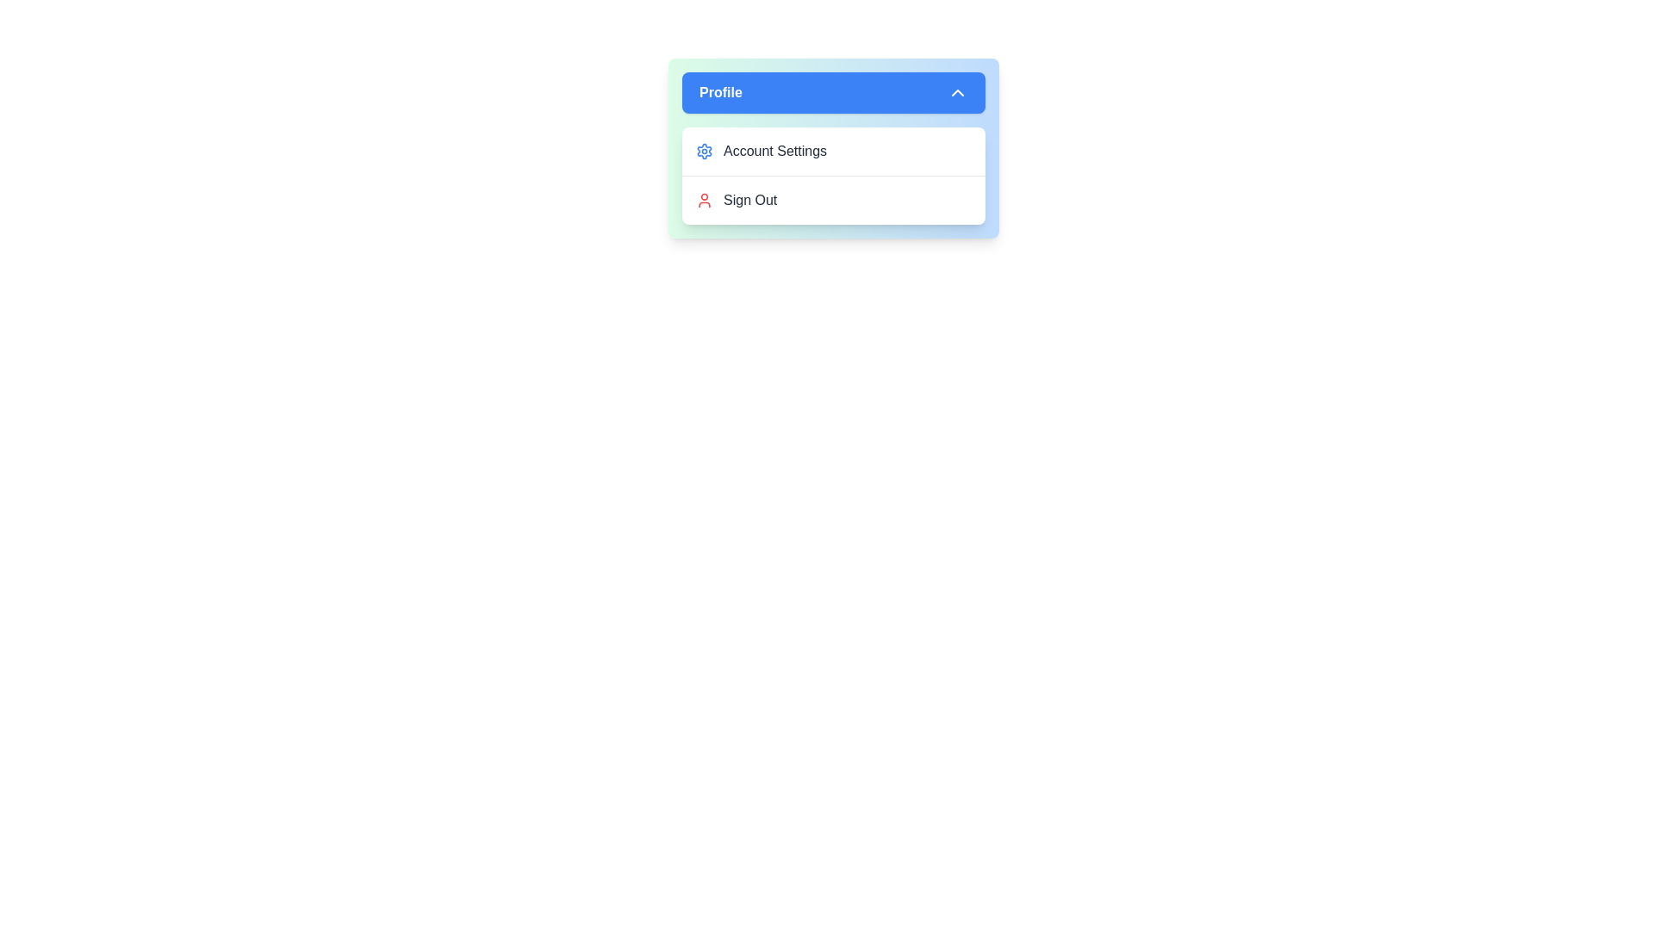  Describe the element at coordinates (834, 151) in the screenshot. I see `the 'Account Settings' option in the ProfileMenu` at that location.